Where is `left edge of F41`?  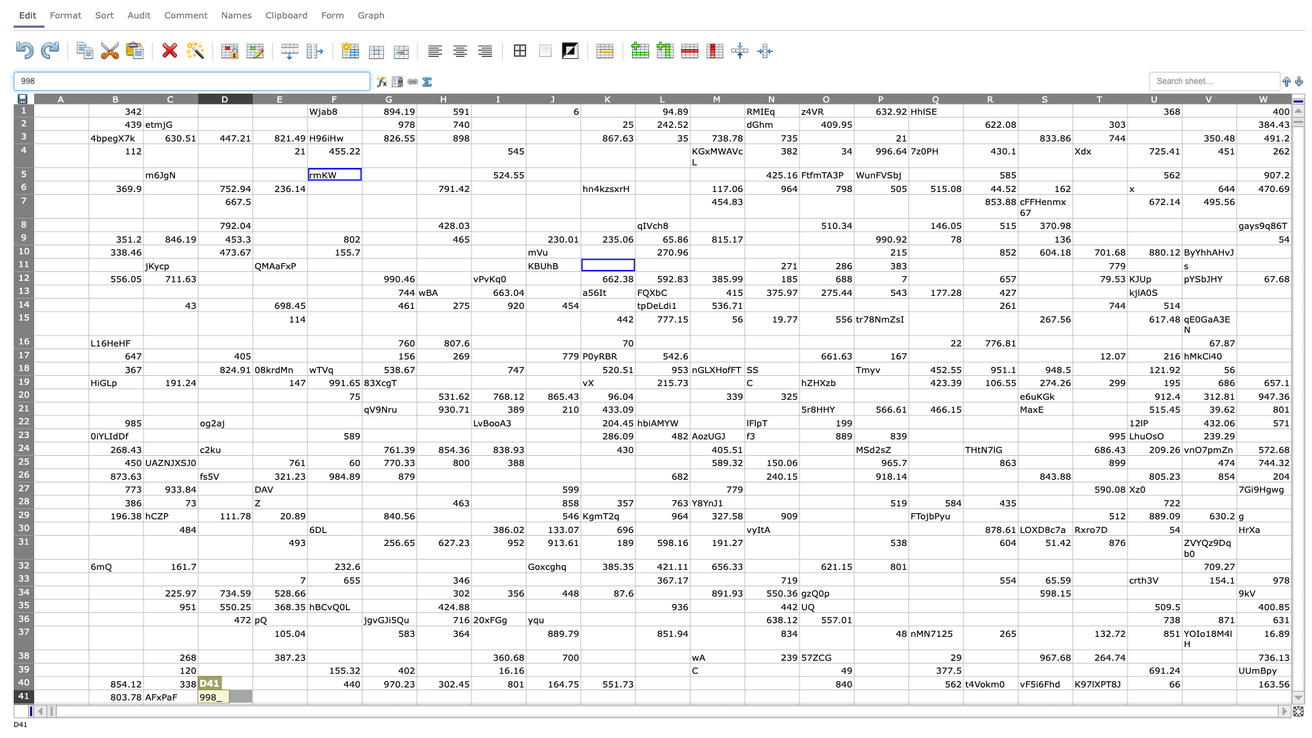
left edge of F41 is located at coordinates (307, 696).